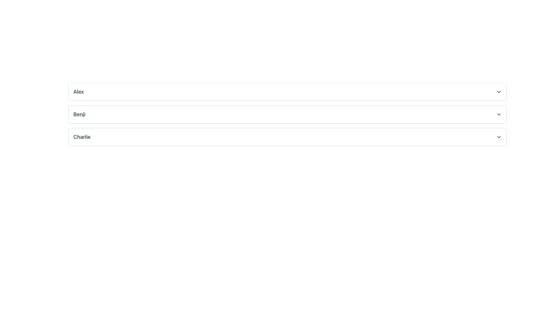 Image resolution: width=557 pixels, height=313 pixels. Describe the element at coordinates (498, 137) in the screenshot. I see `the Dropdown arrow icon located to the far right of the row labeled 'Charlie' for visual feedback` at that location.